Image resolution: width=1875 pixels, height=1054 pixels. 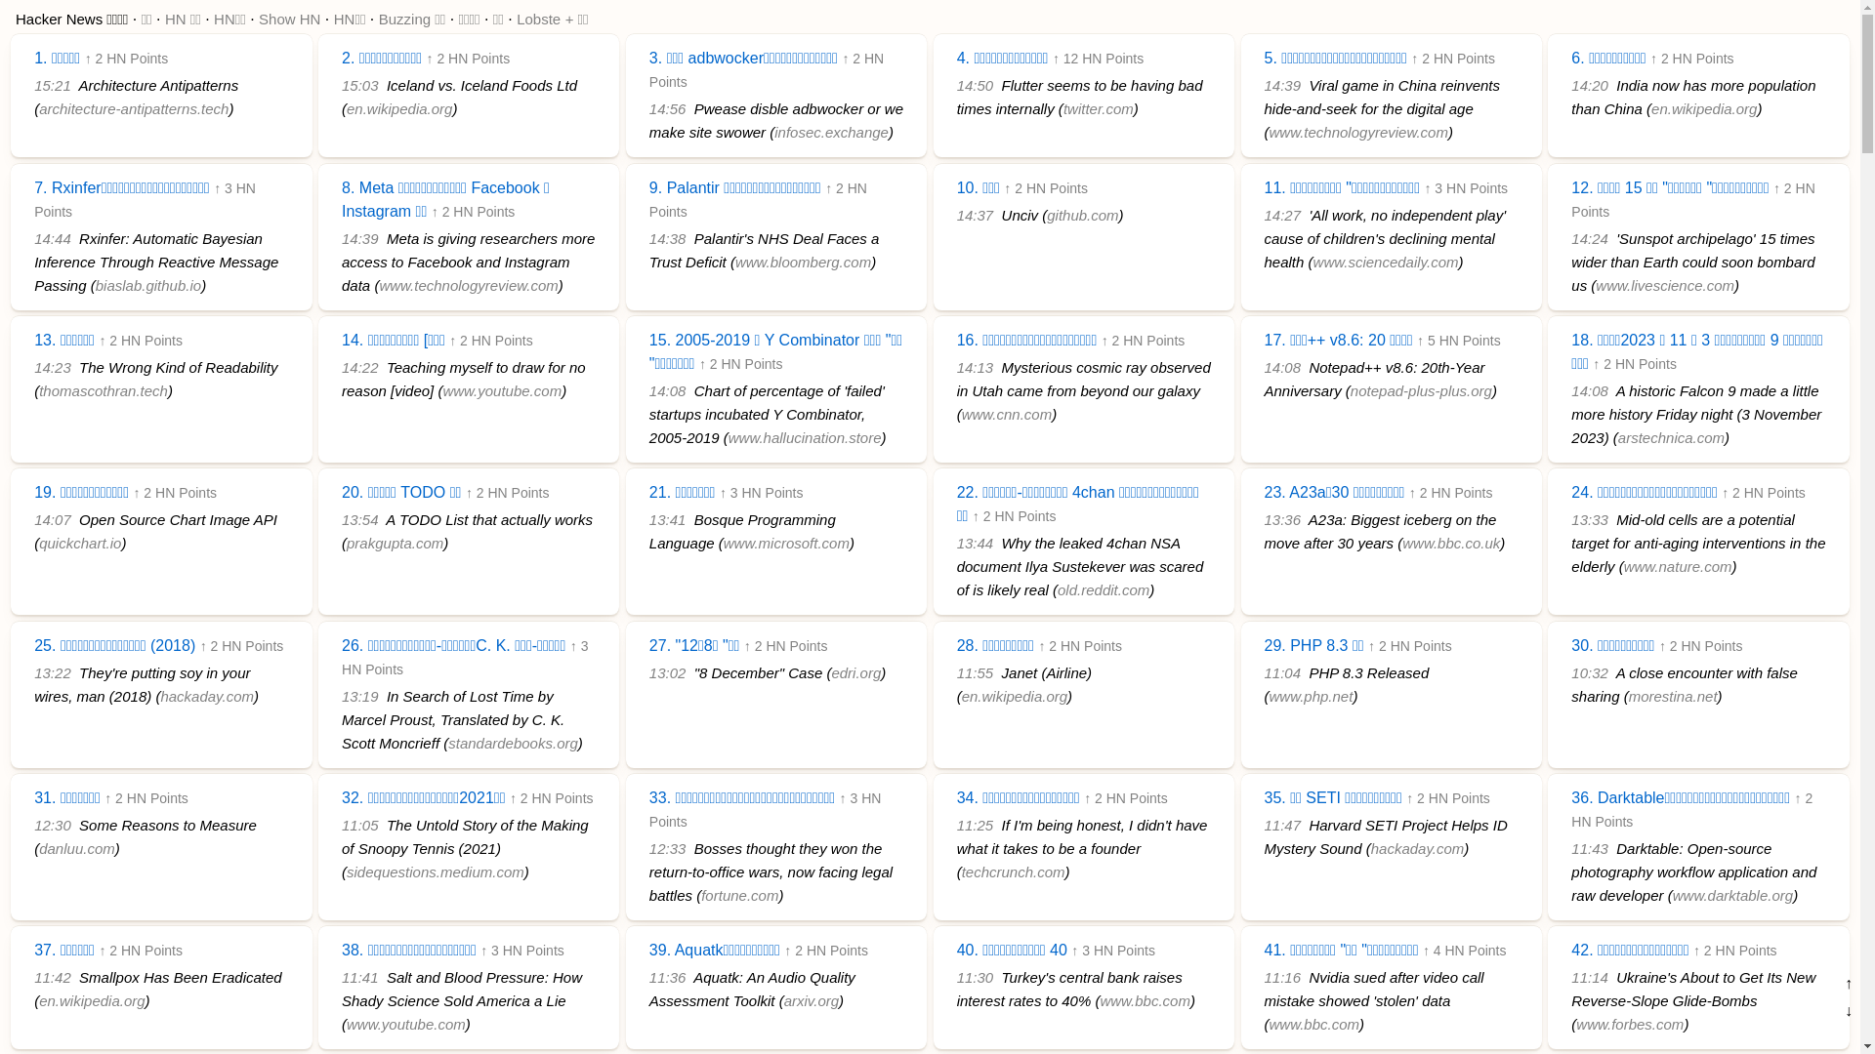 What do you see at coordinates (1282, 215) in the screenshot?
I see `'14:27'` at bounding box center [1282, 215].